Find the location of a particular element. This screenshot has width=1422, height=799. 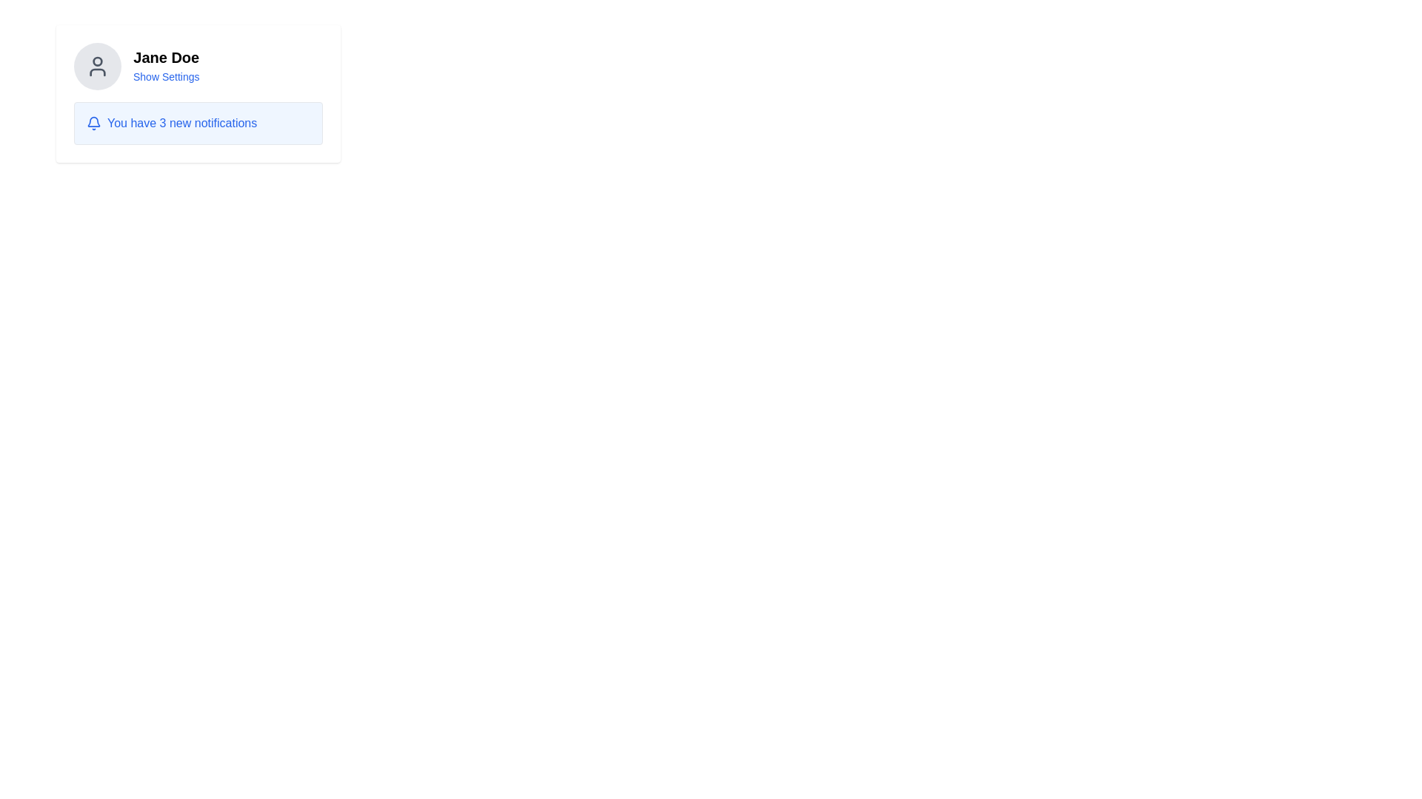

the circular gray icon with a dark-gray user profile glyph located in the upper-left section of the card layout containing the name 'Jane Doe' is located at coordinates (97, 65).